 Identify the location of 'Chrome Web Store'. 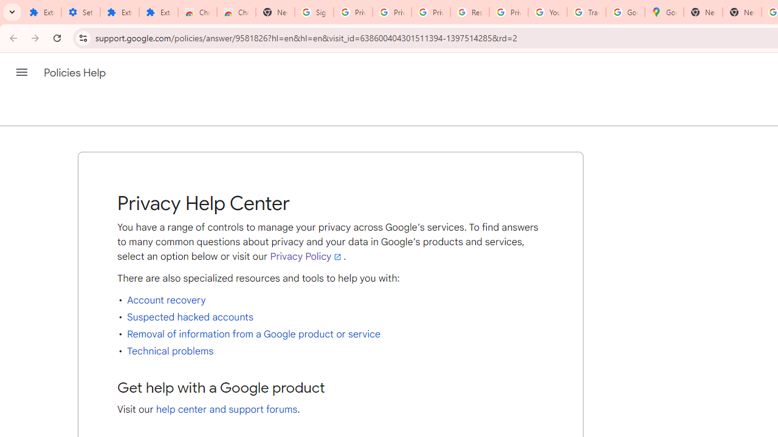
(198, 12).